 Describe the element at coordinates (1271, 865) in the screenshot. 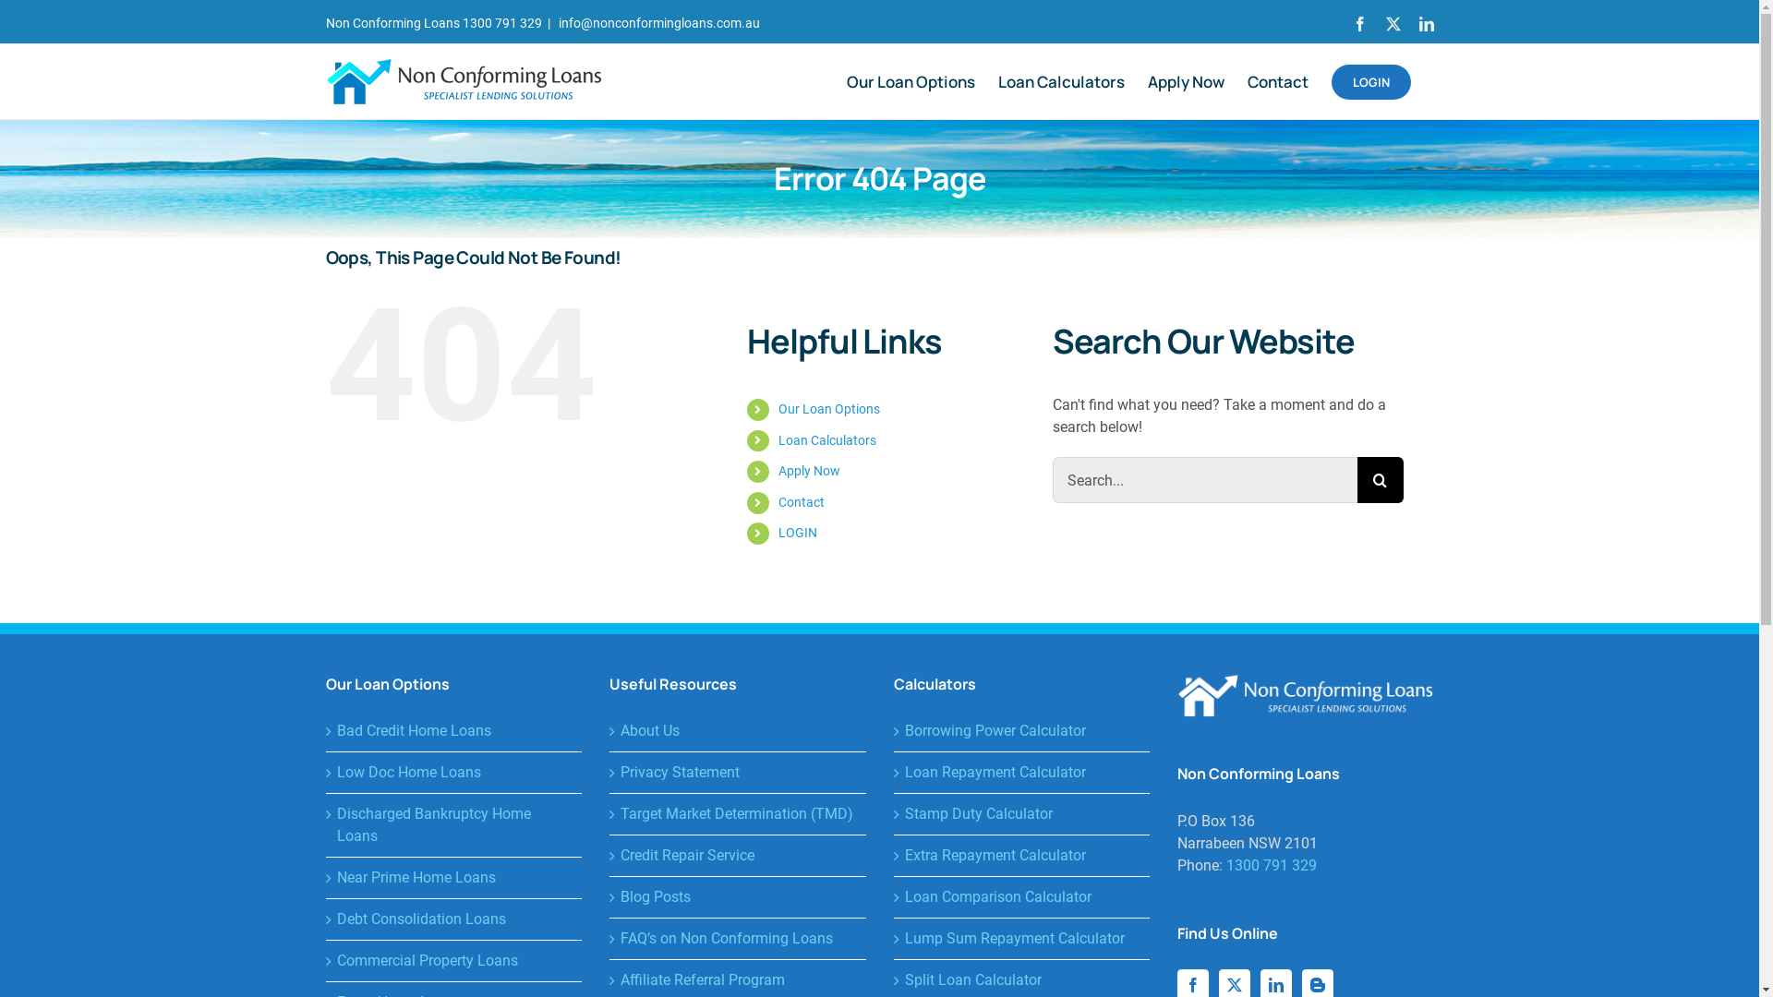

I see `'1300 791 329'` at that location.